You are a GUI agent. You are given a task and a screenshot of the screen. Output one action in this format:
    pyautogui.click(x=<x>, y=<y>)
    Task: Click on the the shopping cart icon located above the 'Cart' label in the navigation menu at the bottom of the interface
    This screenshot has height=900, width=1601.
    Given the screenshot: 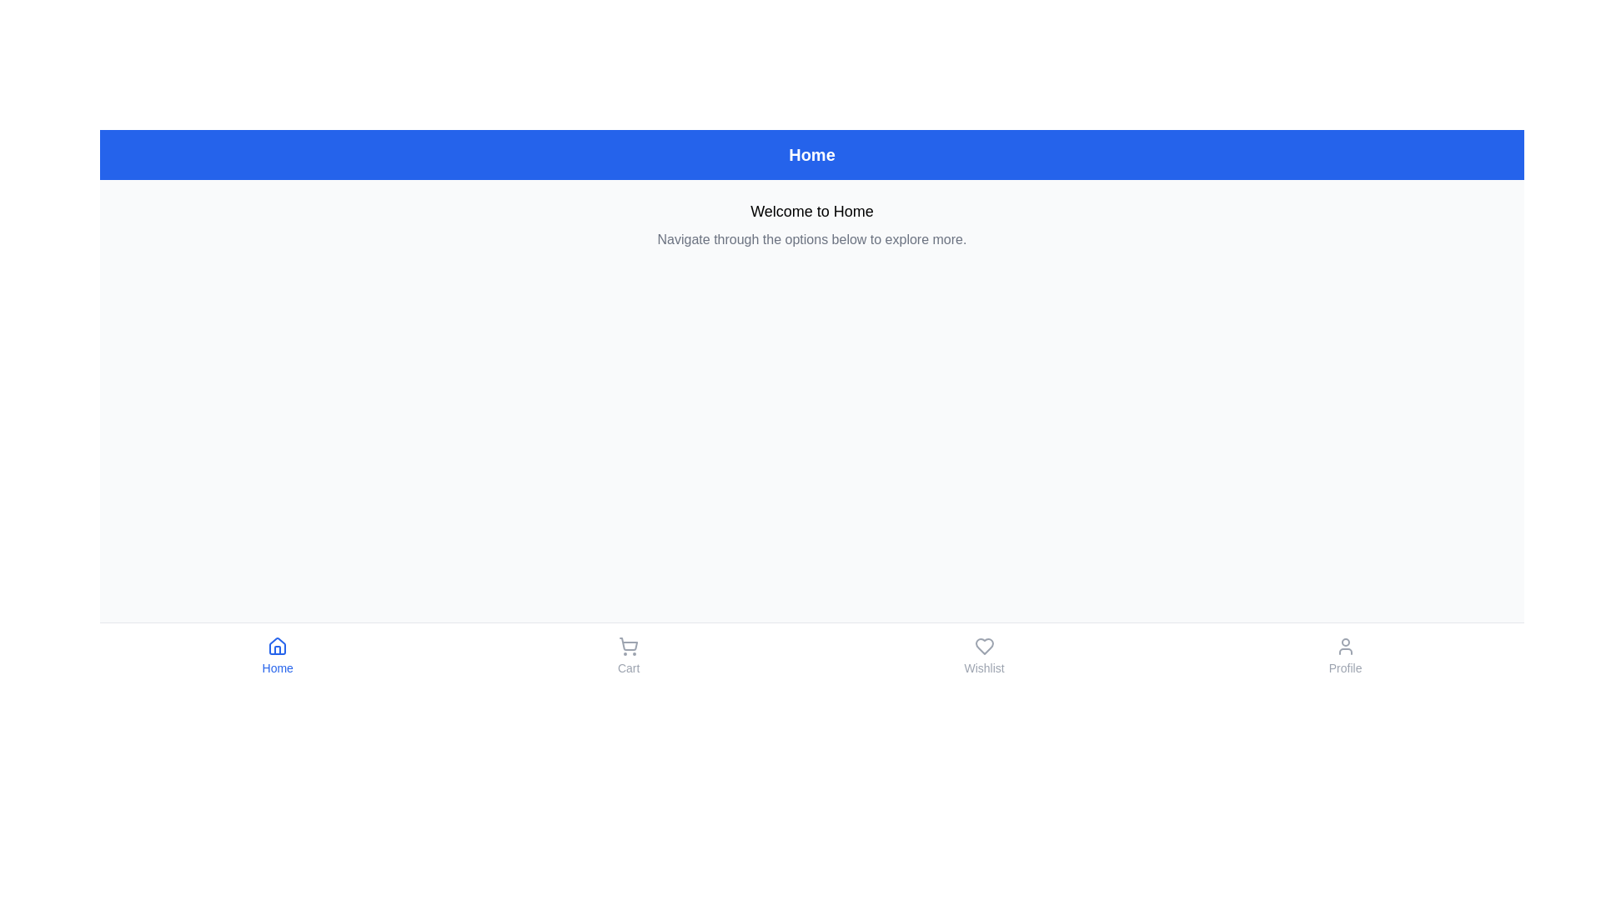 What is the action you would take?
    pyautogui.click(x=628, y=645)
    